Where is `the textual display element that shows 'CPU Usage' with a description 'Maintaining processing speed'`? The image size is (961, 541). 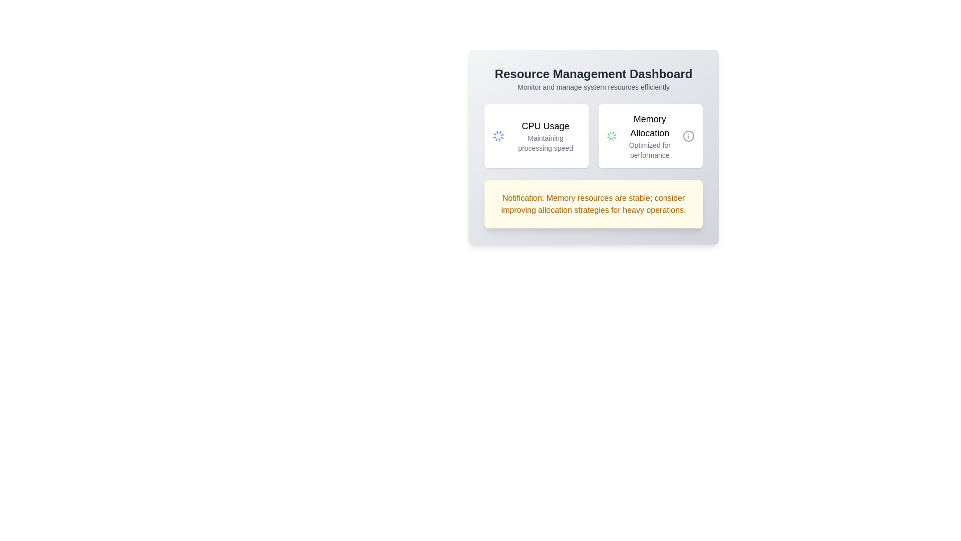 the textual display element that shows 'CPU Usage' with a description 'Maintaining processing speed' is located at coordinates (545, 136).